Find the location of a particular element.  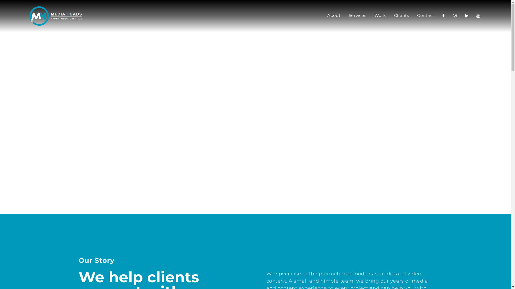

'Work' is located at coordinates (380, 16).